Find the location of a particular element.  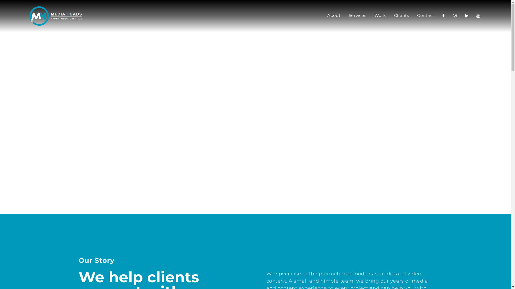

'Work' is located at coordinates (380, 16).